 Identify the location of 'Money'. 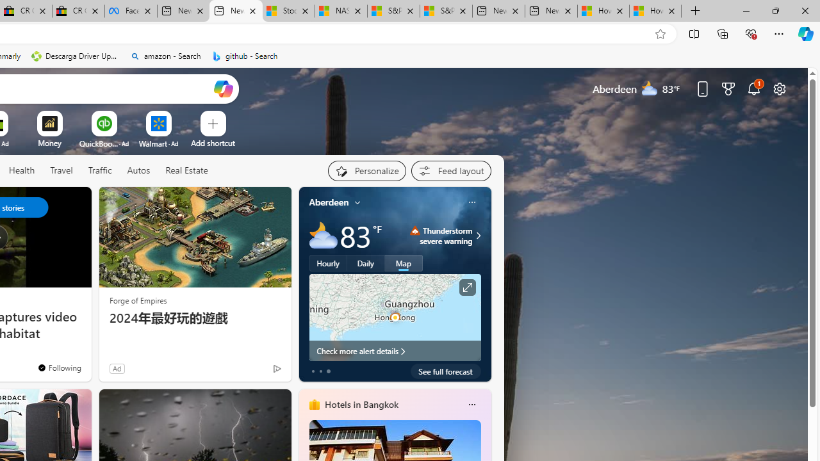
(49, 143).